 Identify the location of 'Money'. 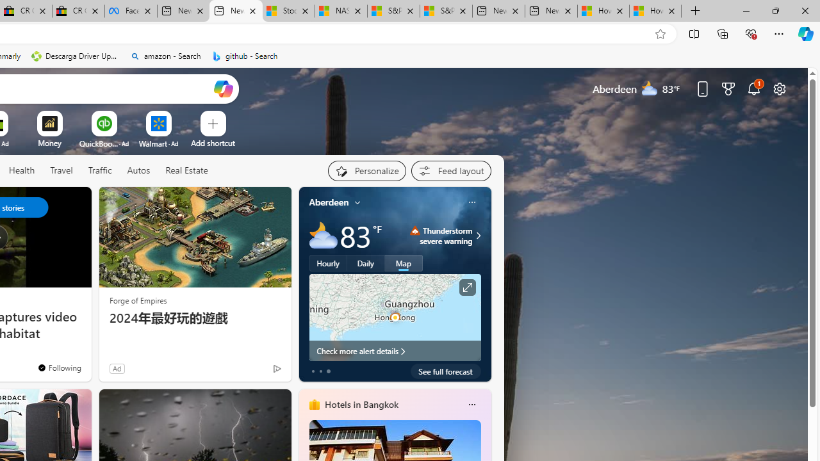
(49, 143).